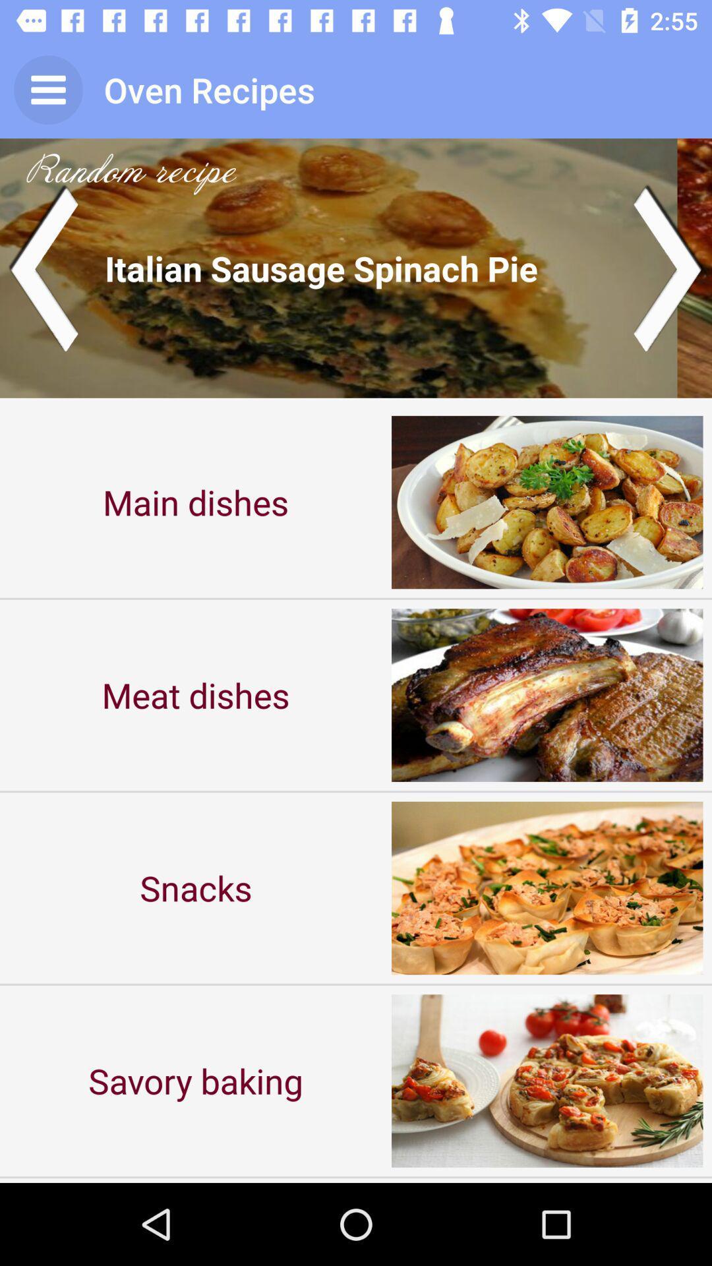 This screenshot has width=712, height=1266. Describe the element at coordinates (42, 267) in the screenshot. I see `show previous recipe` at that location.